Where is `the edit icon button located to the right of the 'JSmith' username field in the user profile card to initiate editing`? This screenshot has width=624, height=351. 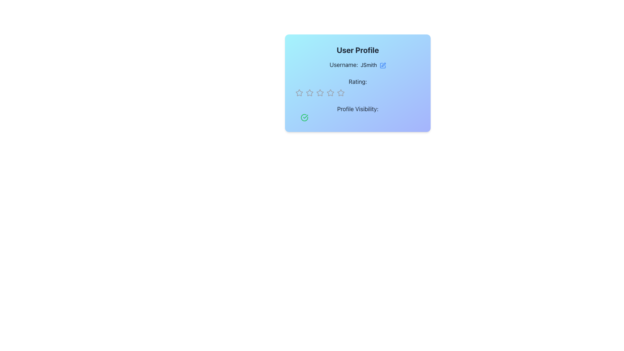 the edit icon button located to the right of the 'JSmith' username field in the user profile card to initiate editing is located at coordinates (383, 65).